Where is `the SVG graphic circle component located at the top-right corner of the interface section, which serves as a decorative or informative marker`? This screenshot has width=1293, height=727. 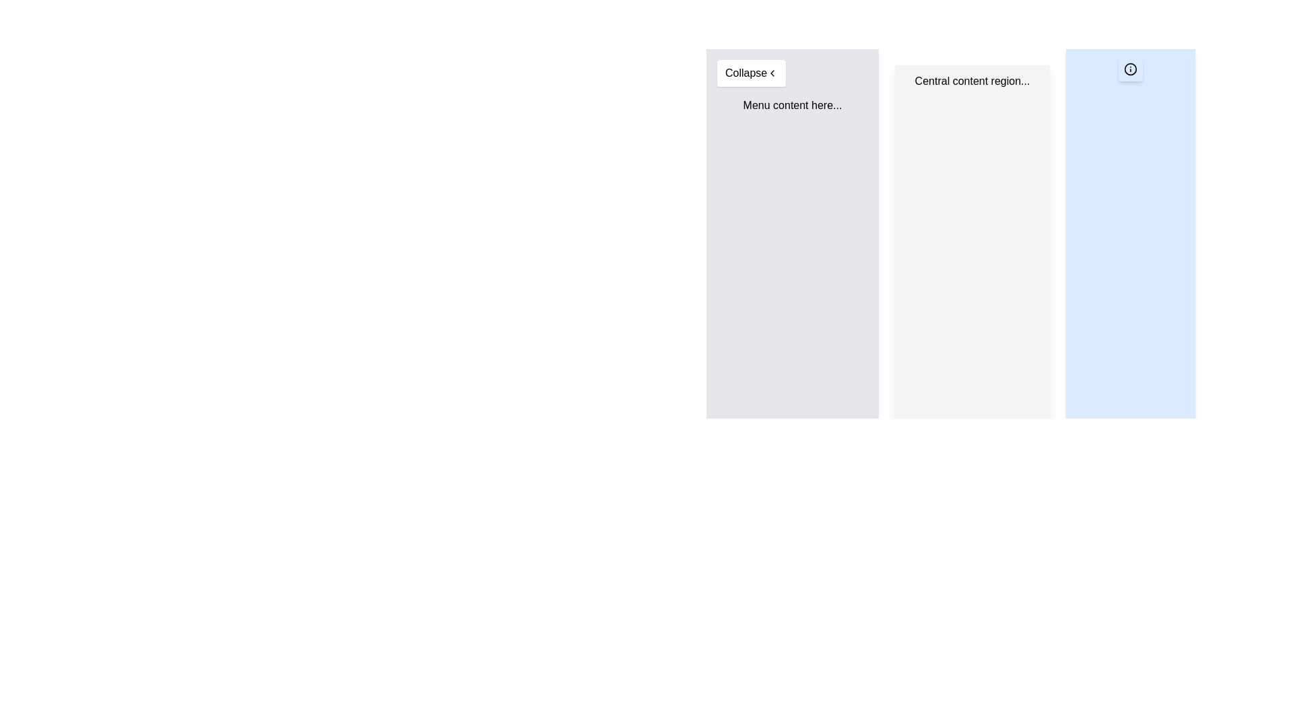 the SVG graphic circle component located at the top-right corner of the interface section, which serves as a decorative or informative marker is located at coordinates (1131, 69).